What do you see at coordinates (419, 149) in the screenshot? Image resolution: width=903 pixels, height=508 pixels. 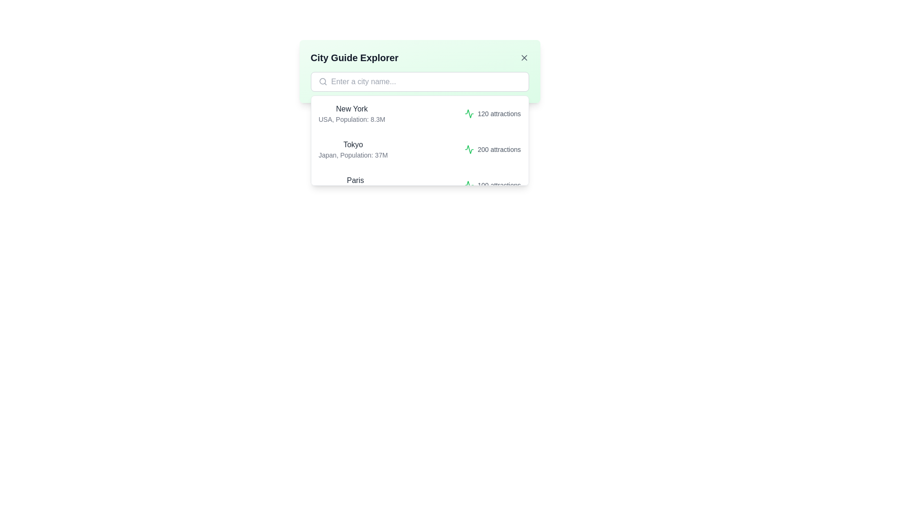 I see `the second city option in the 'City Guide Explorer' dropdown menu` at bounding box center [419, 149].